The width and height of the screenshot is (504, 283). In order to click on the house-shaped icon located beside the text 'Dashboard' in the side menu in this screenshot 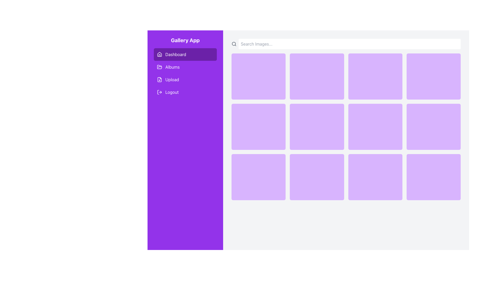, I will do `click(159, 55)`.